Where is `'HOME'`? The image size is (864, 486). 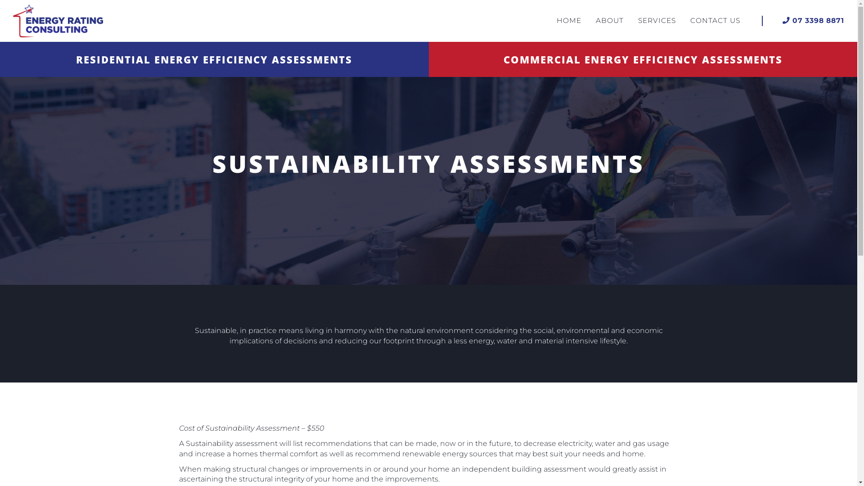
'HOME' is located at coordinates (568, 20).